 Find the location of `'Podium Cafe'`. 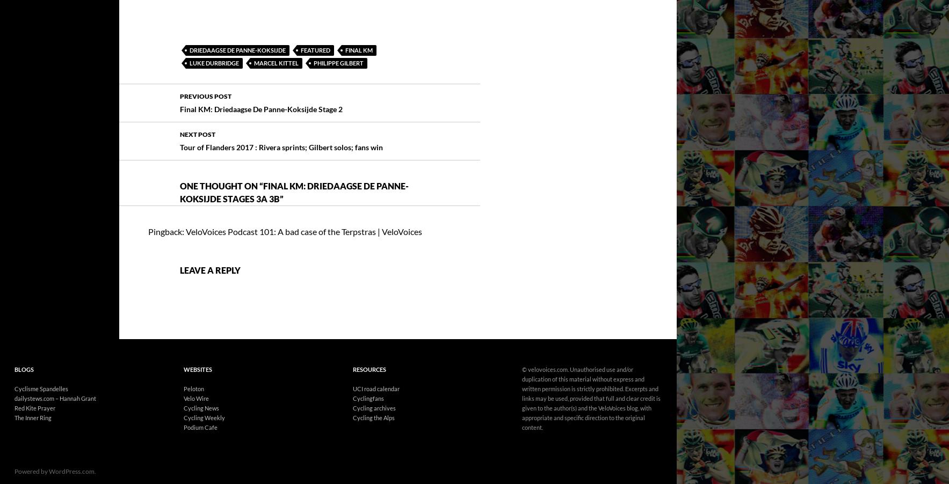

'Podium Cafe' is located at coordinates (183, 397).